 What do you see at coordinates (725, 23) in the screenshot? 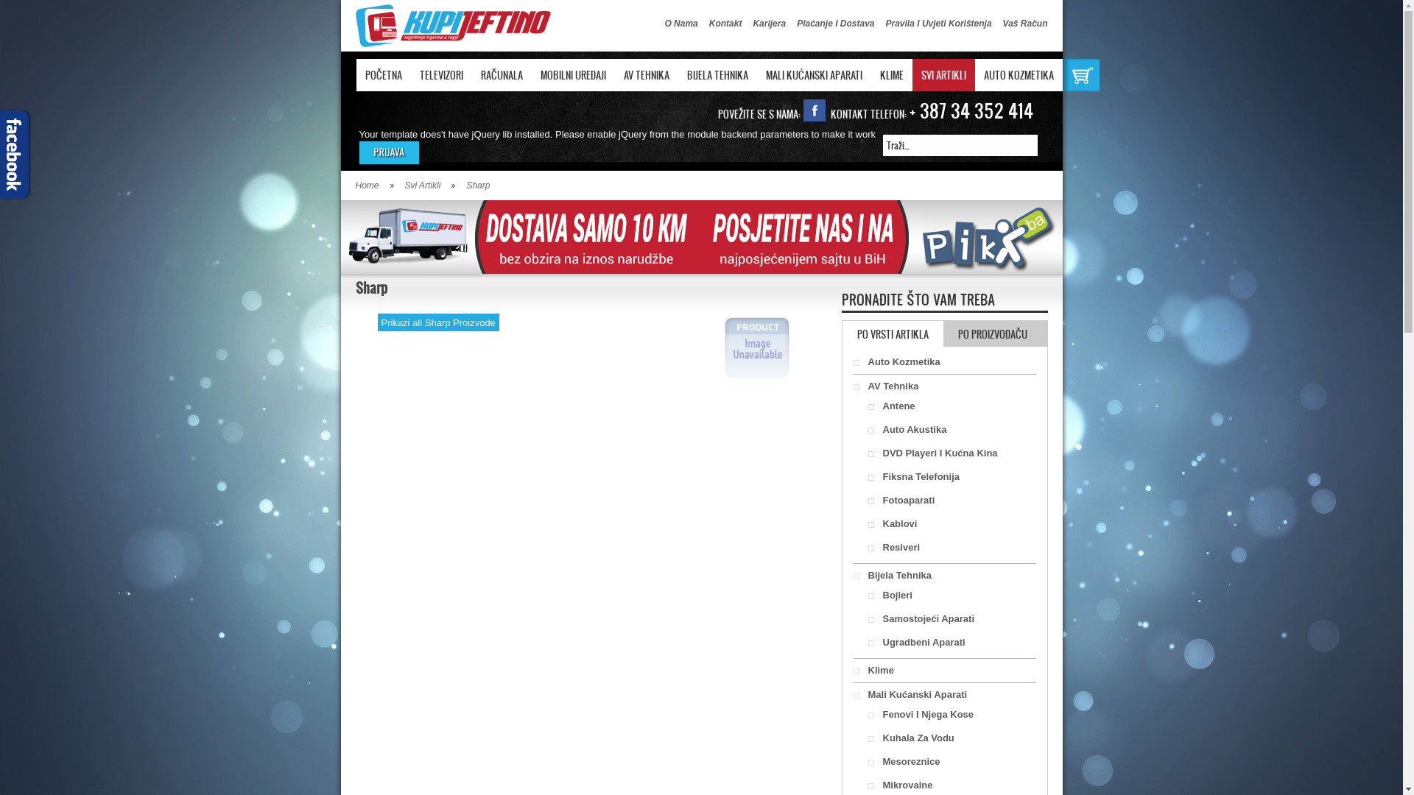
I see `'Kontakt'` at bounding box center [725, 23].